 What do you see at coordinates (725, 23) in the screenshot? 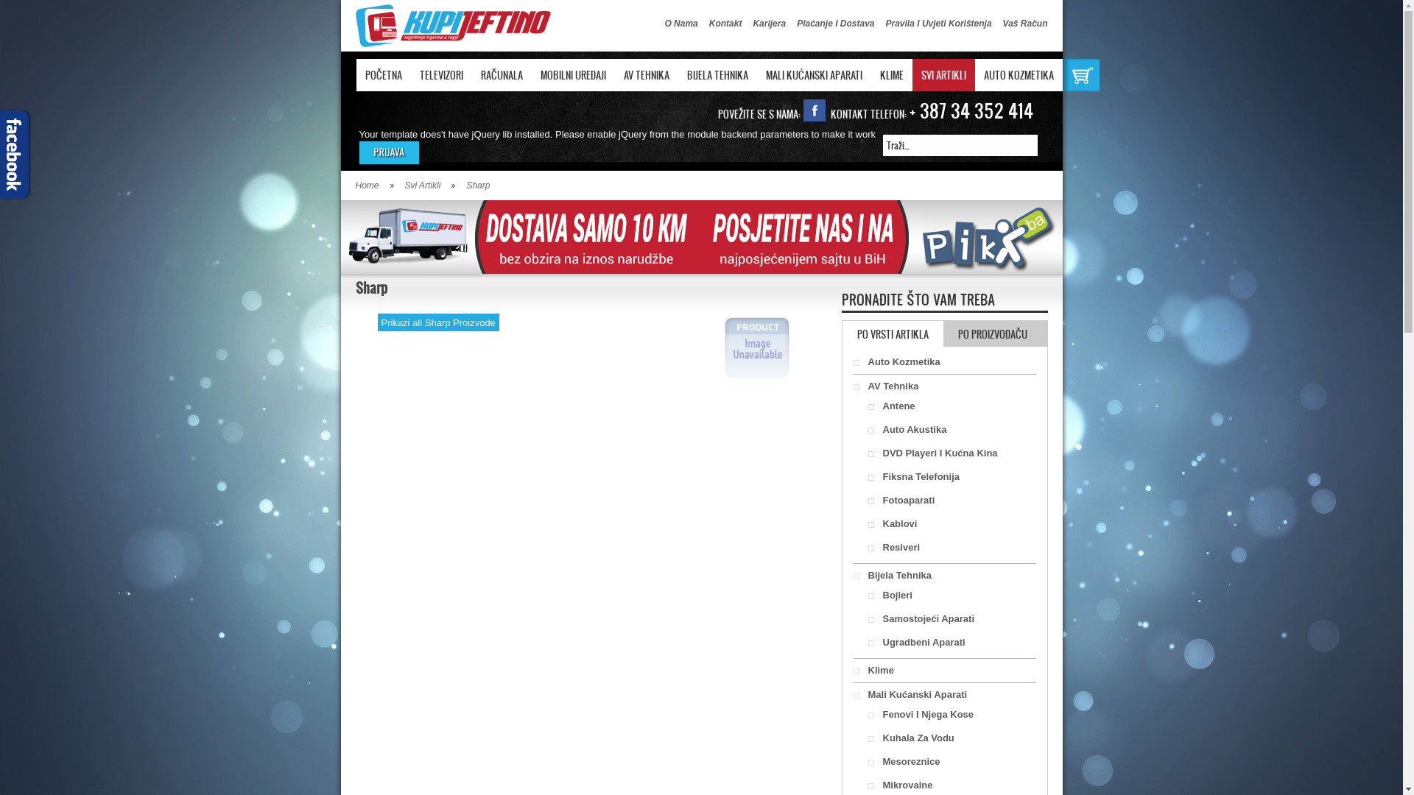
I see `'Kontakt'` at bounding box center [725, 23].